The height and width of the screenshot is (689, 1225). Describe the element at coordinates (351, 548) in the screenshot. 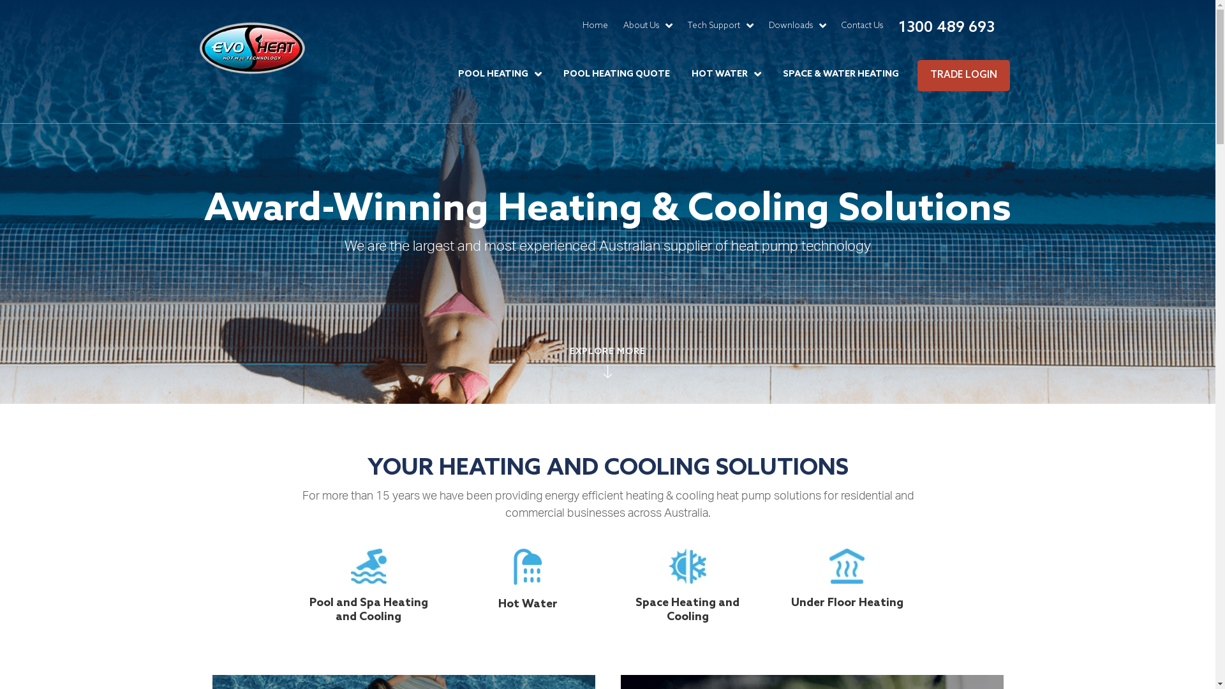

I see `'icon-pool'` at that location.